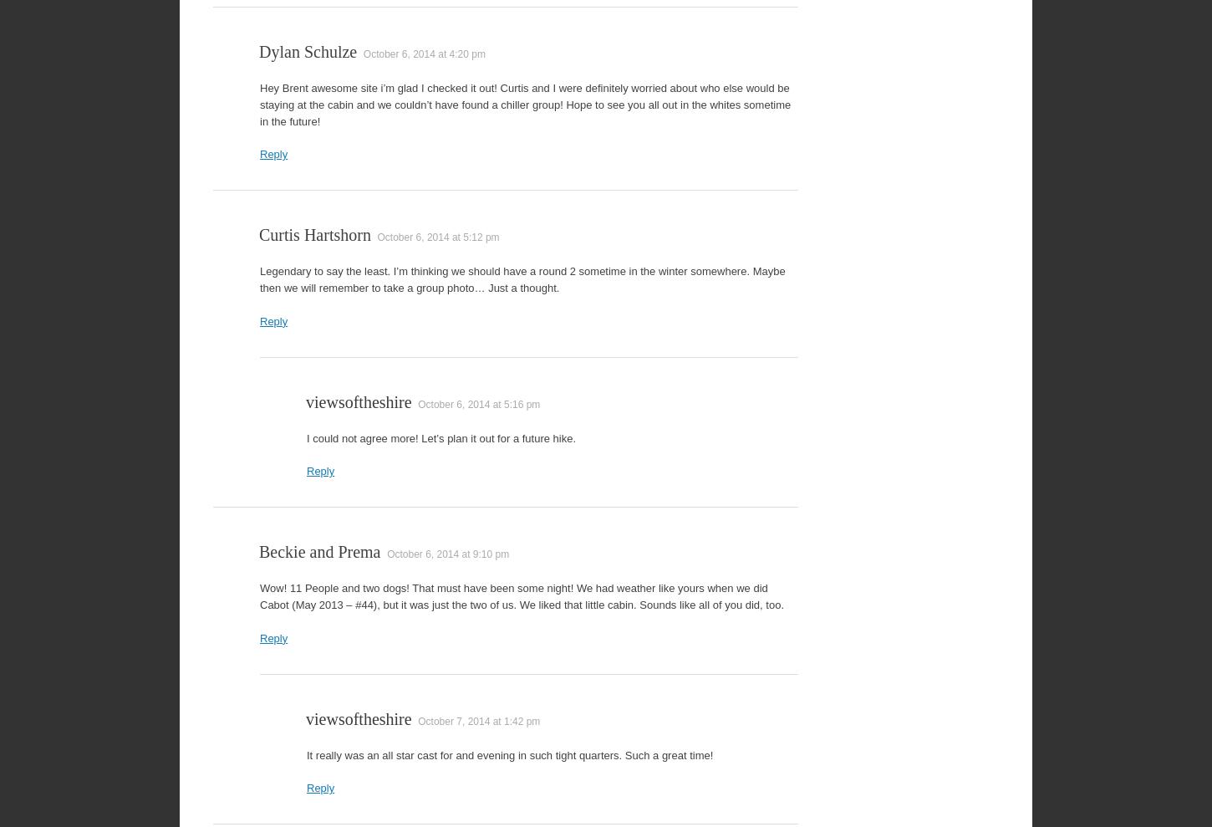 Image resolution: width=1212 pixels, height=827 pixels. What do you see at coordinates (479, 721) in the screenshot?
I see `'October 7, 2014 at 1:42 pm'` at bounding box center [479, 721].